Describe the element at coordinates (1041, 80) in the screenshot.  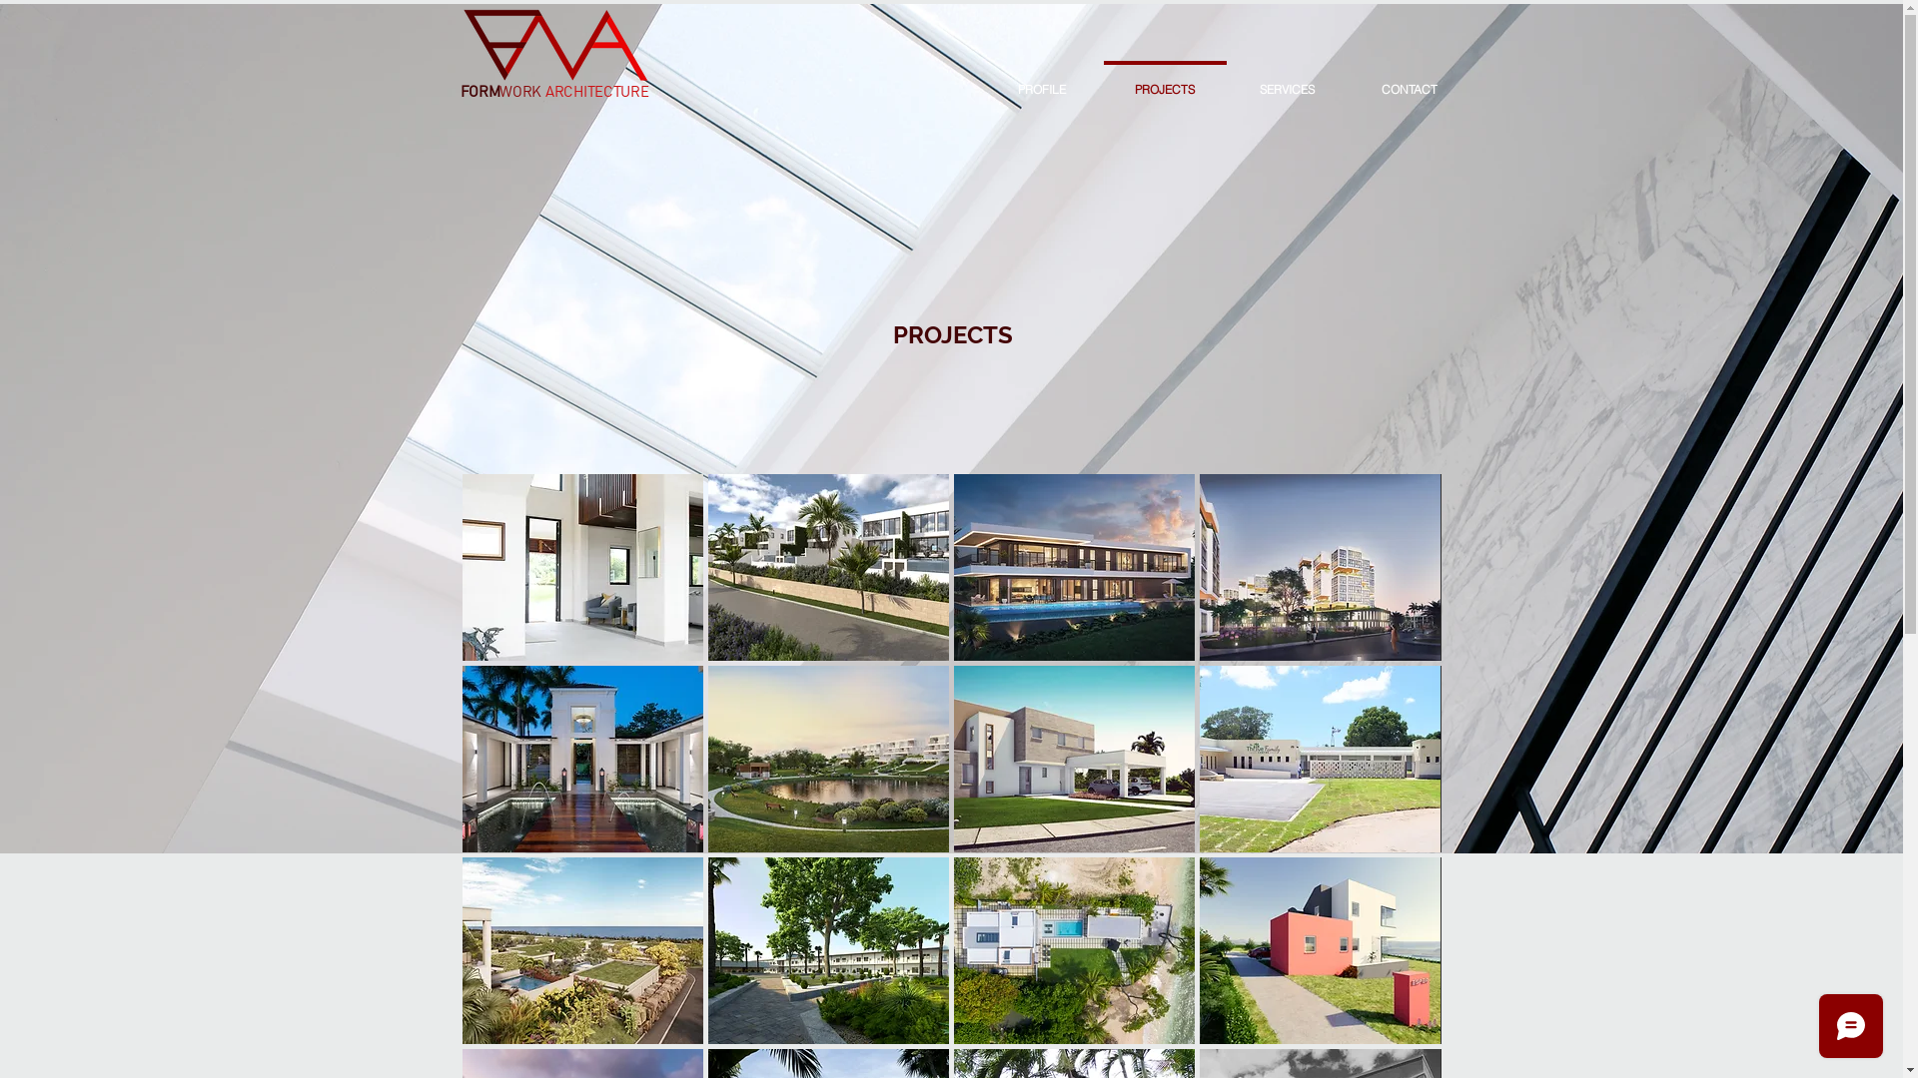
I see `'PROFILE'` at that location.